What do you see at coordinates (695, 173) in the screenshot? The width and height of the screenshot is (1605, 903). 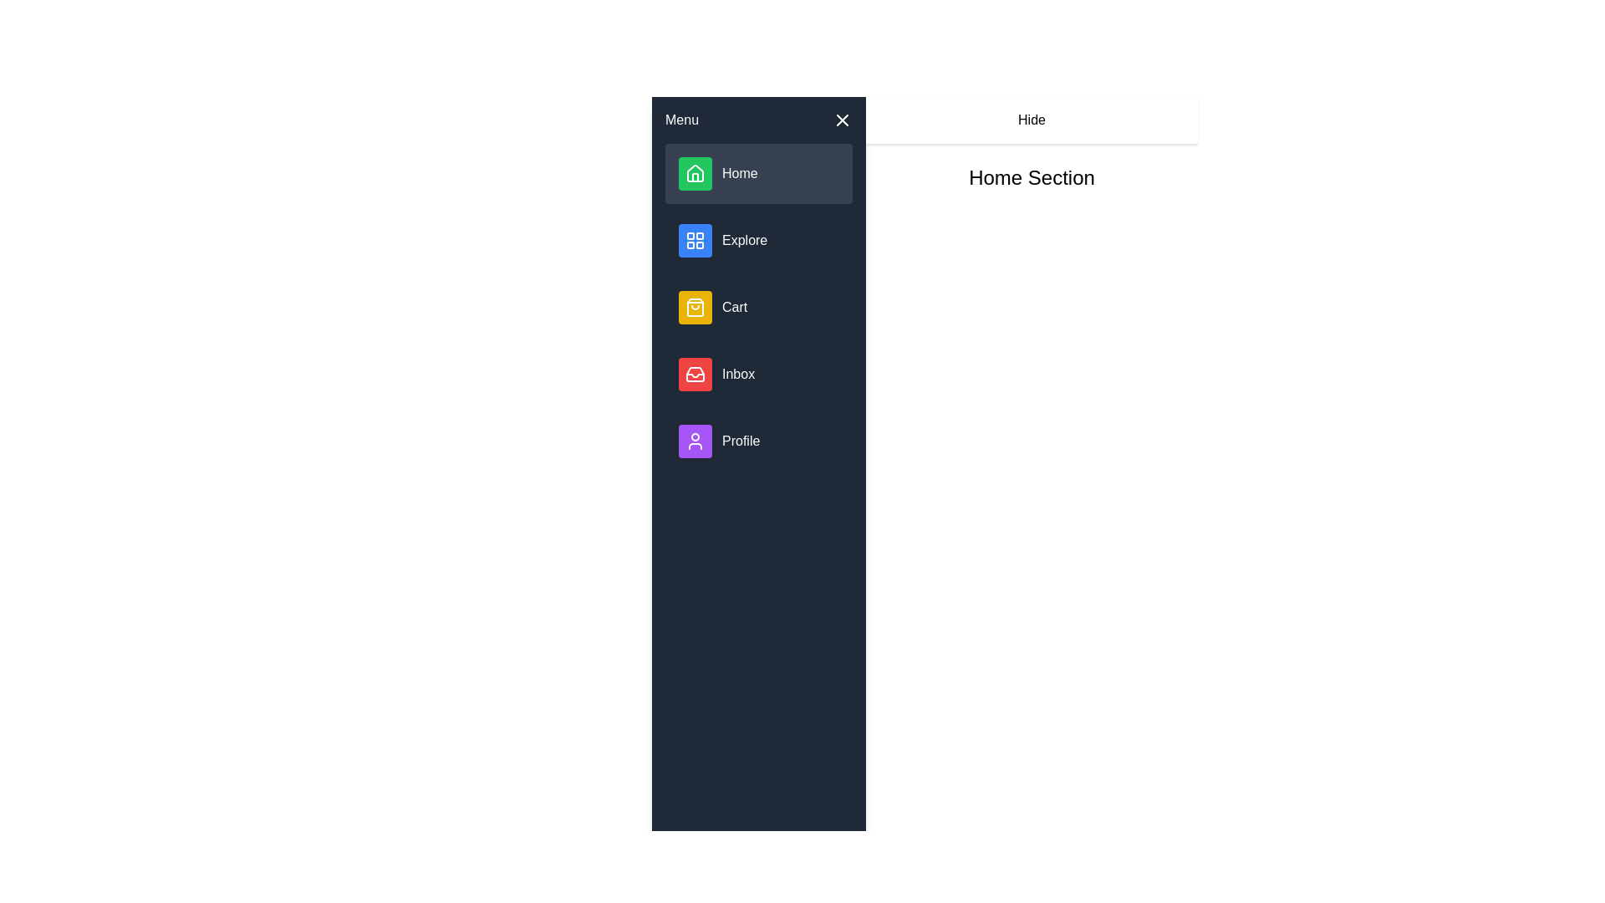 I see `the house icon located next to the 'Home' label in the menu bar, which is the first visual item in the menu list` at bounding box center [695, 173].